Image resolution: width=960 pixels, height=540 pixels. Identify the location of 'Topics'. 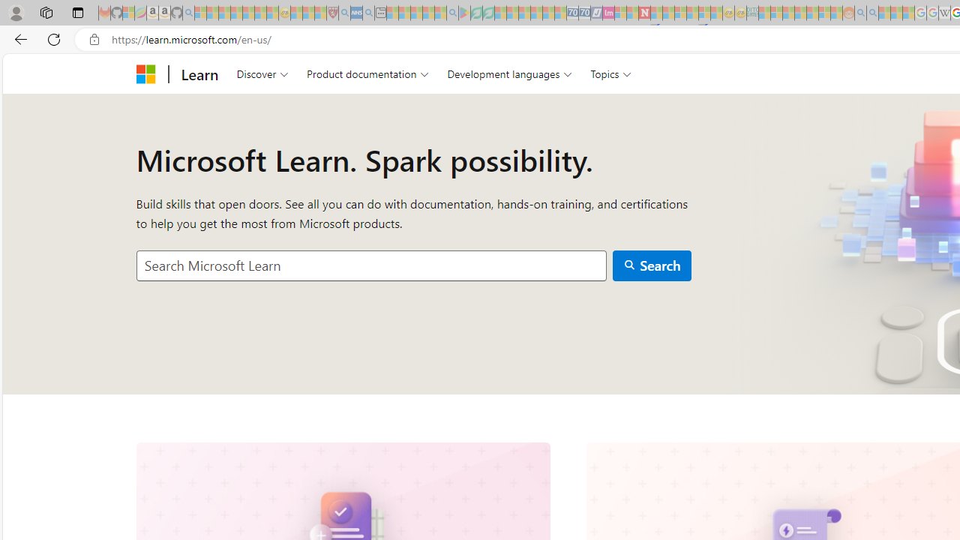
(611, 73).